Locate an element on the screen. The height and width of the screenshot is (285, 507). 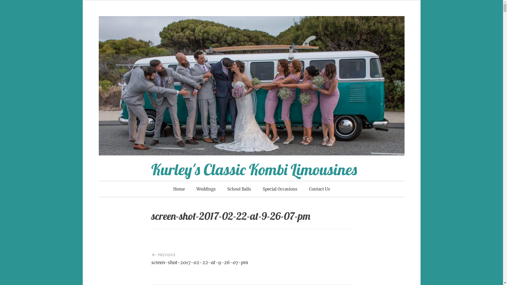
'School Balls' is located at coordinates (239, 189).